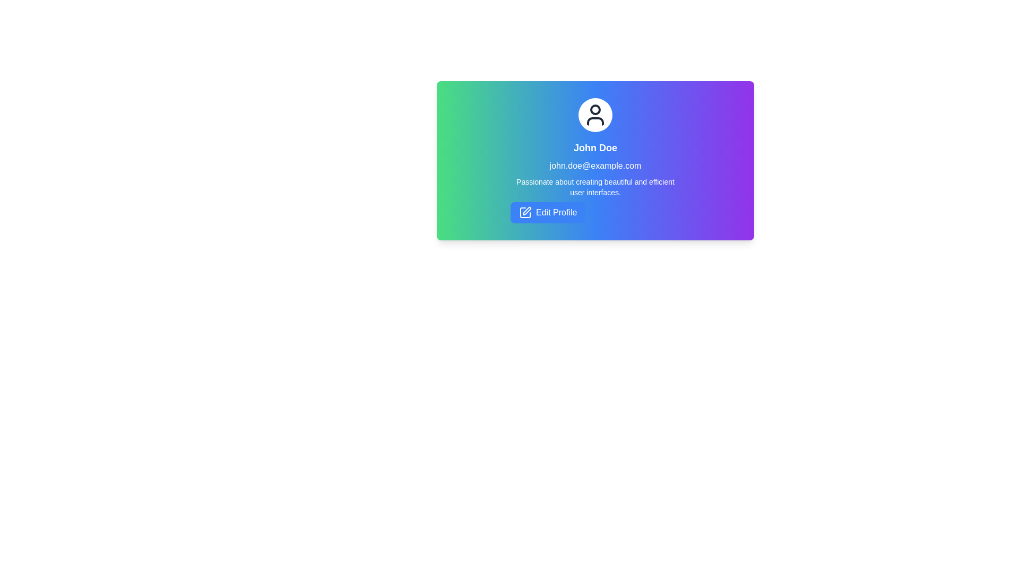 The height and width of the screenshot is (573, 1019). I want to click on text label located in the center of the card layout, positioned below the email address 'john.doe@example.com' and above the 'Edit Profile' button, so click(595, 187).